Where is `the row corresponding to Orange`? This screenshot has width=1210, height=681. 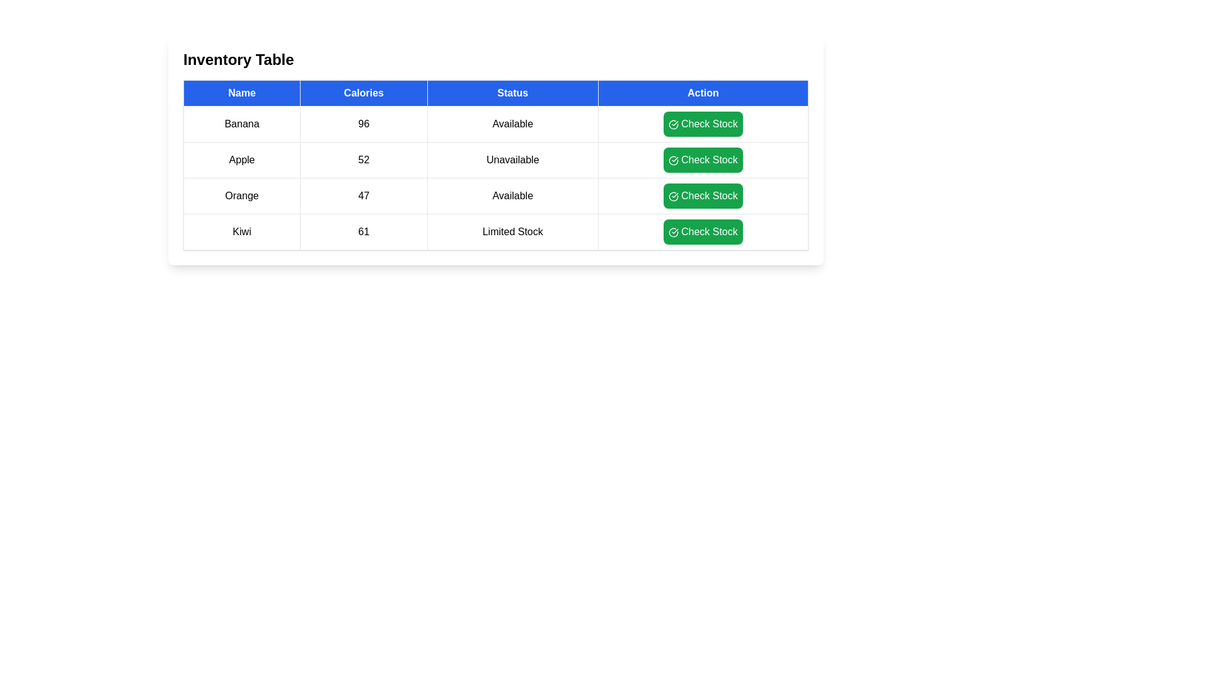
the row corresponding to Orange is located at coordinates (495, 196).